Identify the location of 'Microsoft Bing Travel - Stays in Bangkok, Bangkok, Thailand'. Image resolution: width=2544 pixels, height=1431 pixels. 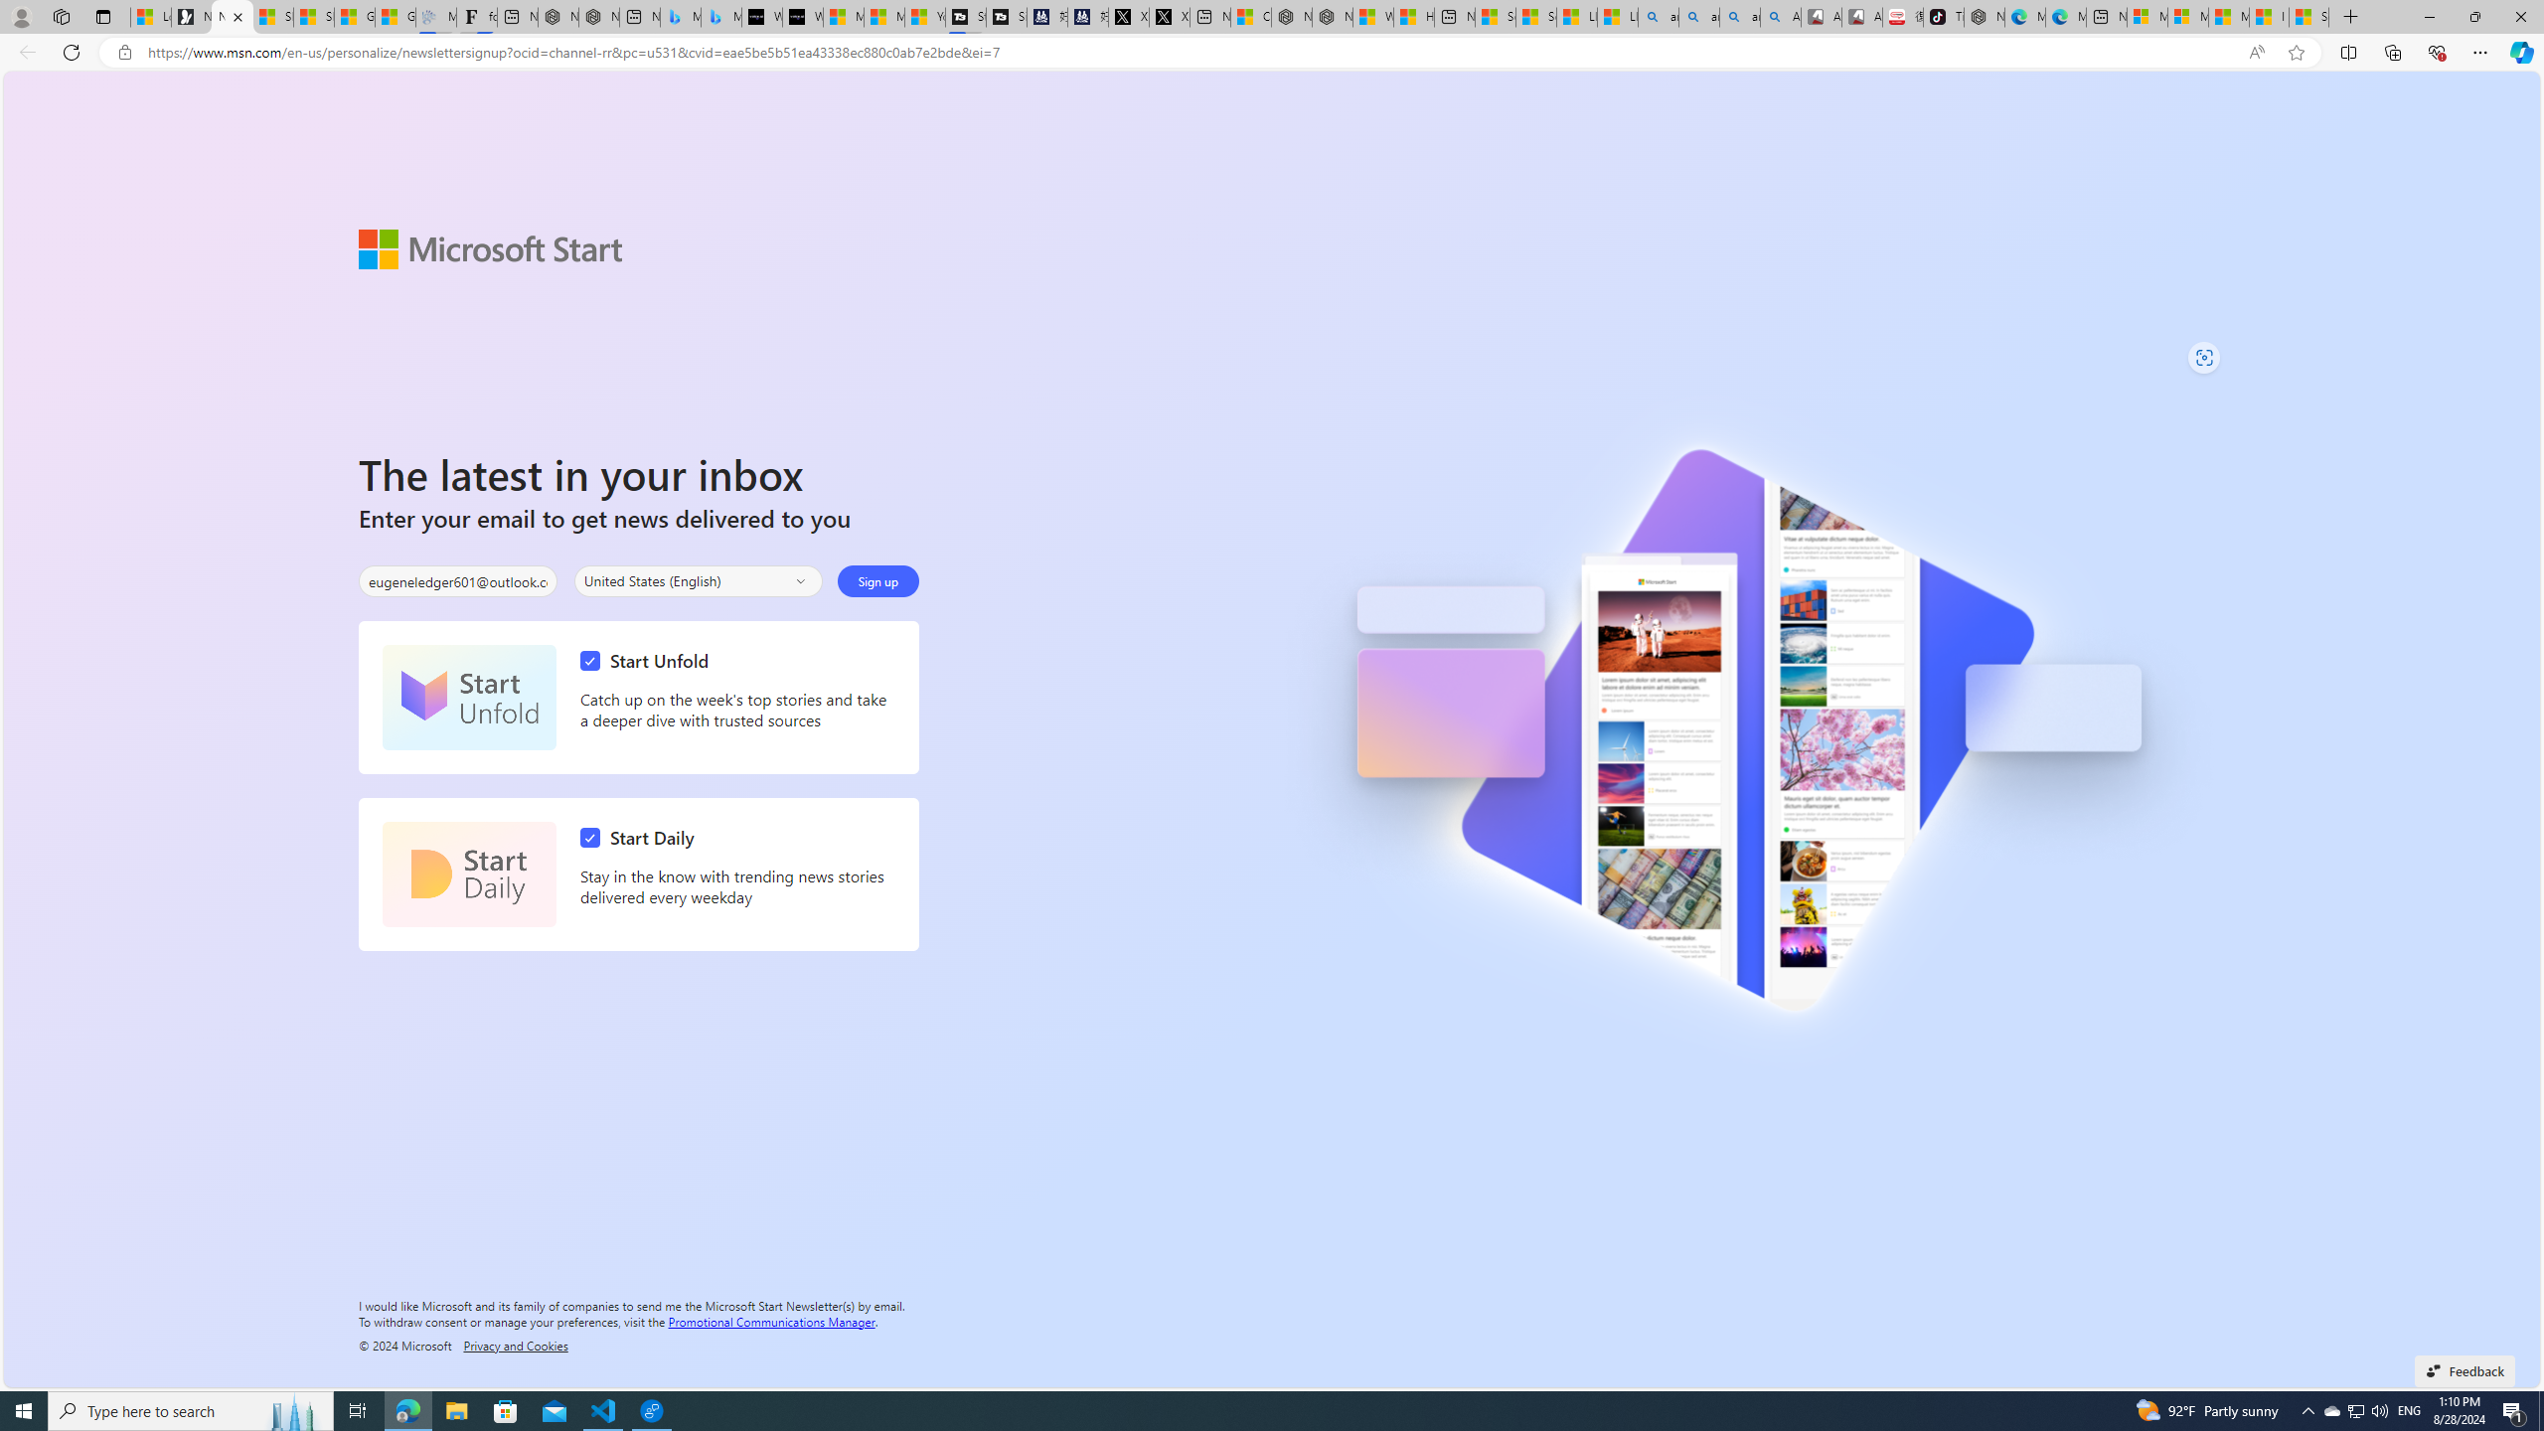
(680, 16).